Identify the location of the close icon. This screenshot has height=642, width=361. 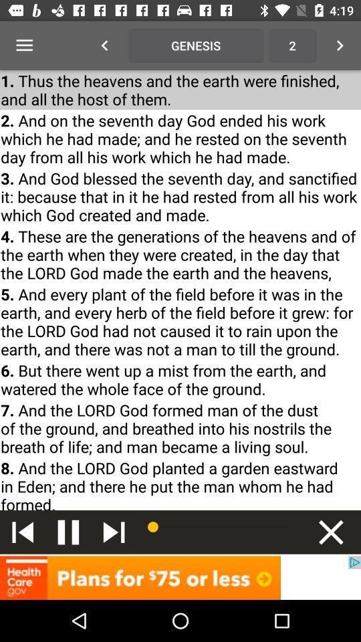
(330, 532).